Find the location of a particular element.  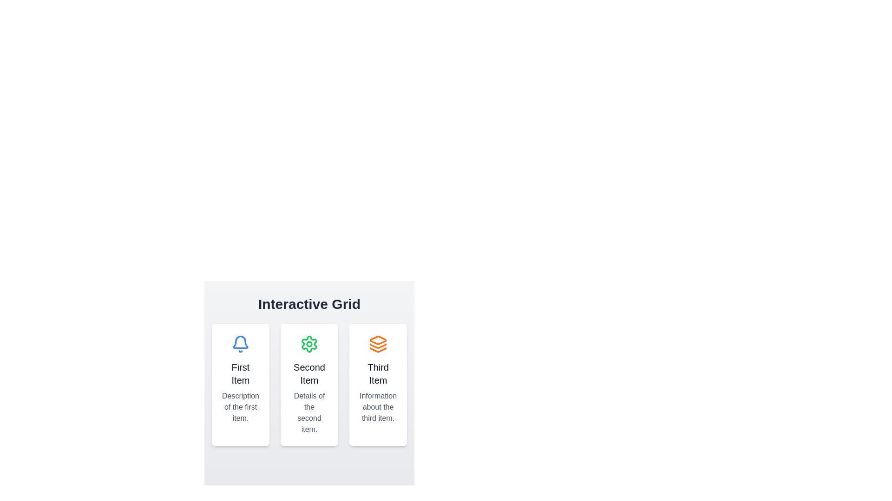

the presence of the blue notification bell icon, which is located at the top portion of the card labeled 'First Item' is located at coordinates (241, 344).